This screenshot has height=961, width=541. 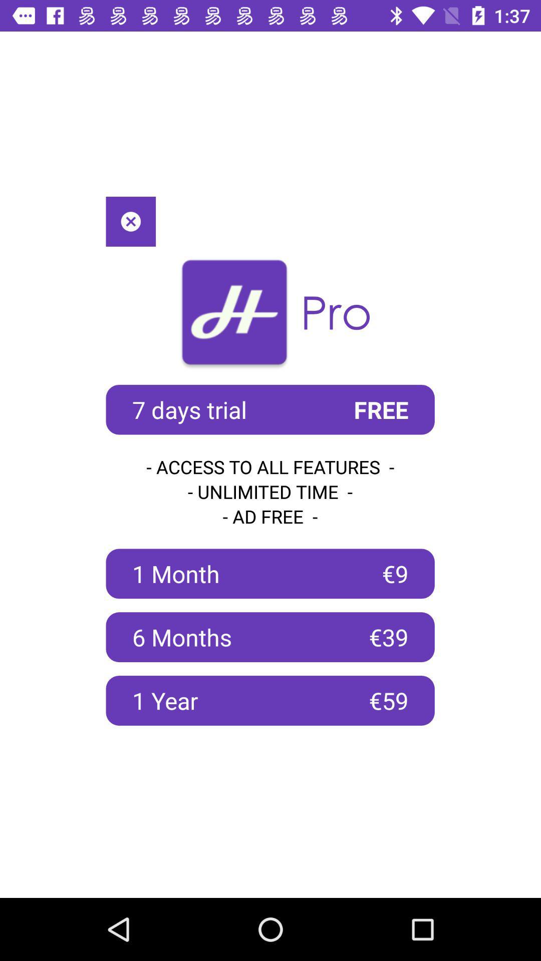 What do you see at coordinates (130, 221) in the screenshot?
I see `icon above 7 days trial` at bounding box center [130, 221].